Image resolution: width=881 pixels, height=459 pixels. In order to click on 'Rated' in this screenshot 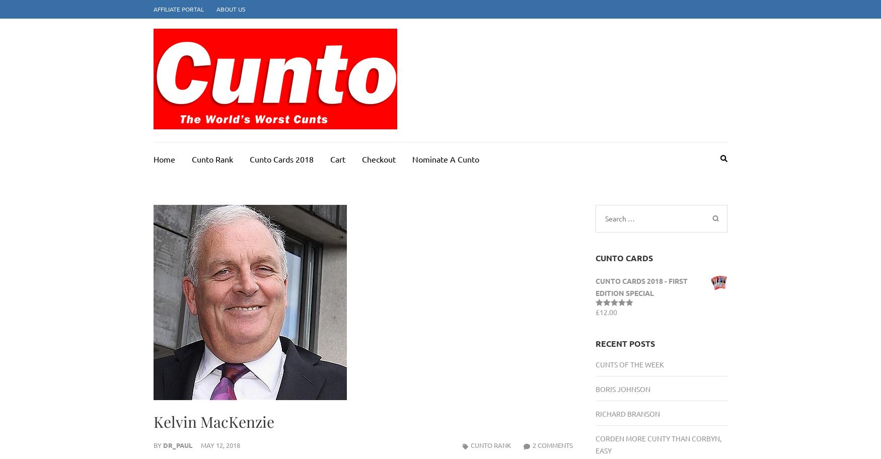, I will do `click(594, 313)`.